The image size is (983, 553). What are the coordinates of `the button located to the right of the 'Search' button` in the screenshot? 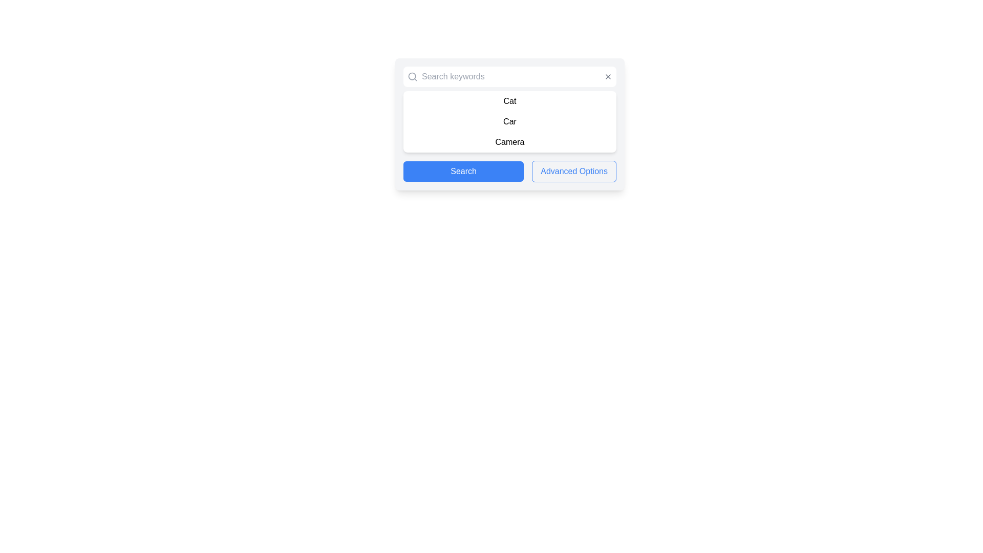 It's located at (574, 171).